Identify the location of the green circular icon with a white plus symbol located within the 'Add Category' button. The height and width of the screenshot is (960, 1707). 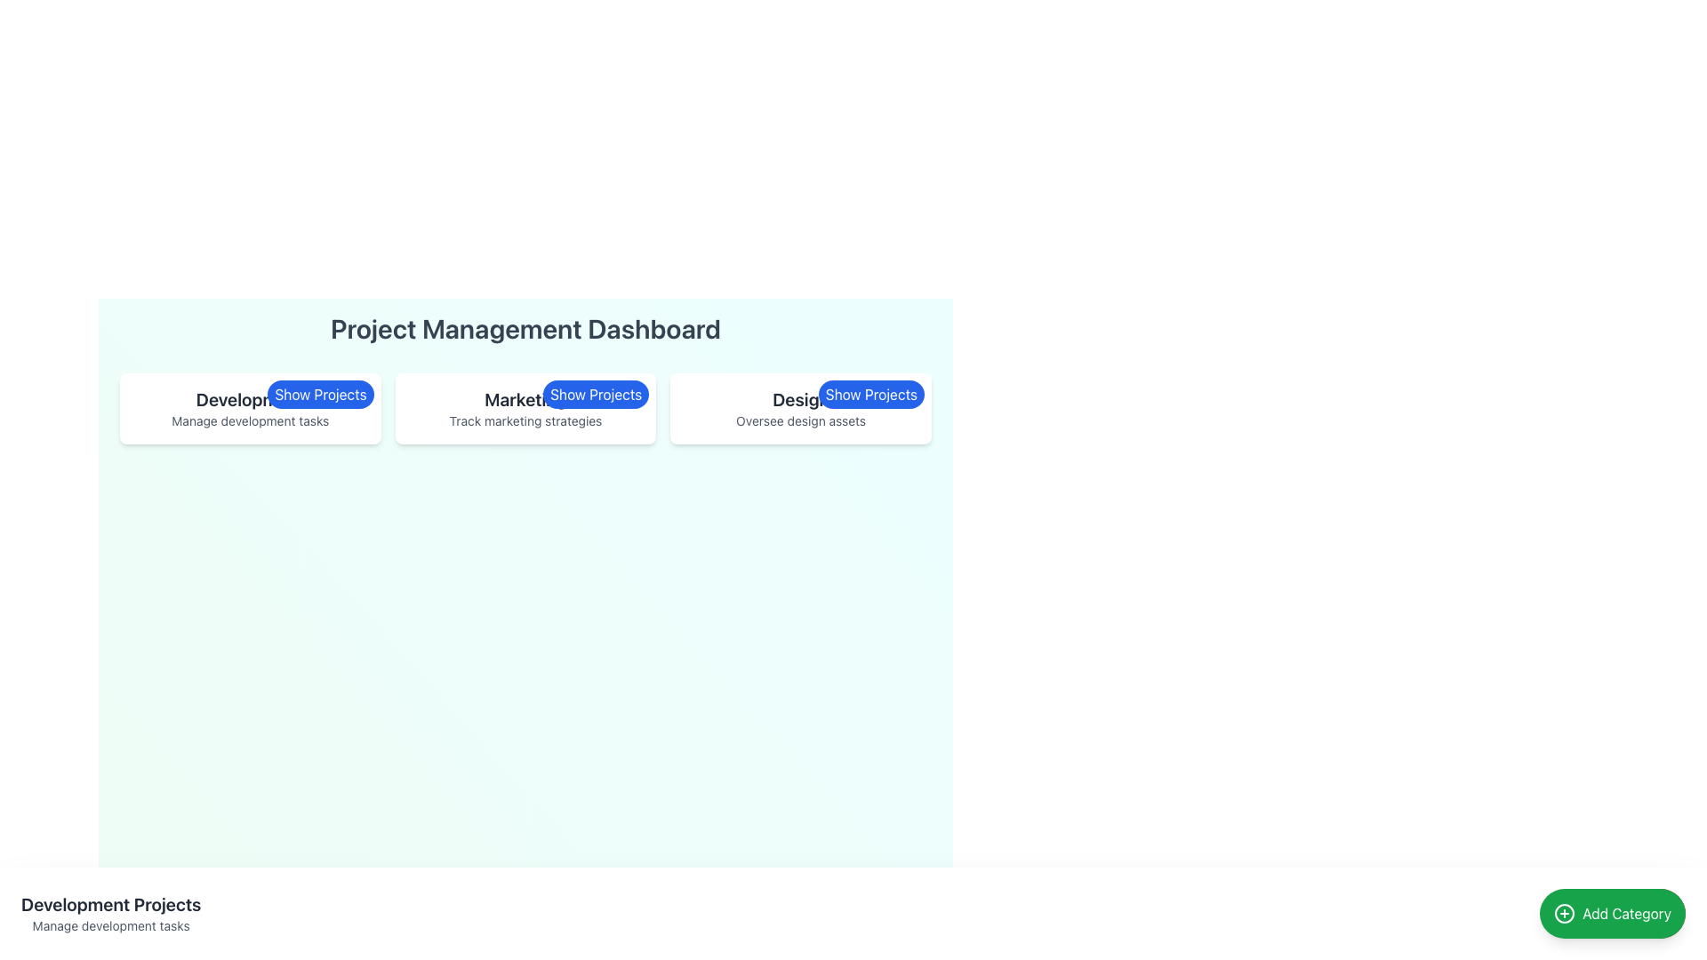
(1565, 914).